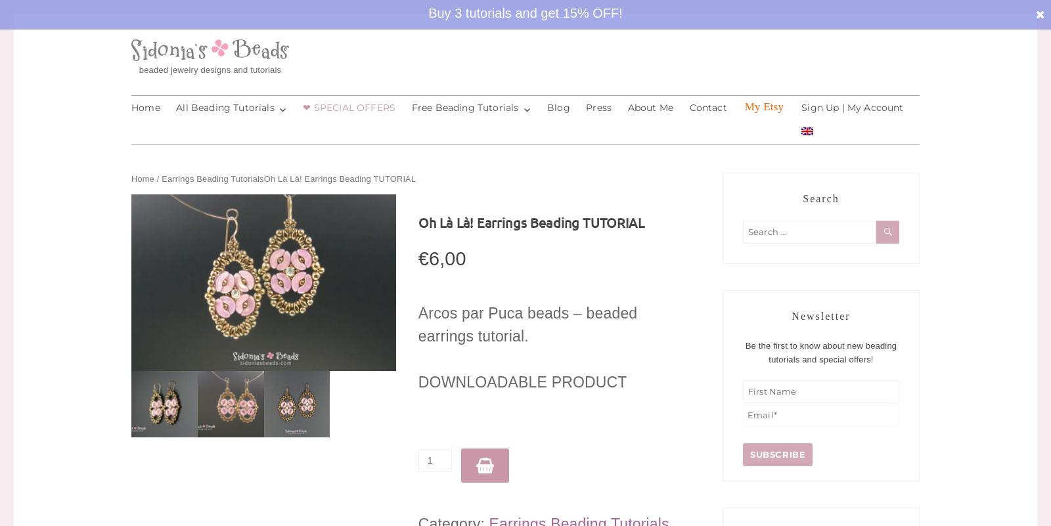  What do you see at coordinates (225, 107) in the screenshot?
I see `'All Beading Tutorials'` at bounding box center [225, 107].